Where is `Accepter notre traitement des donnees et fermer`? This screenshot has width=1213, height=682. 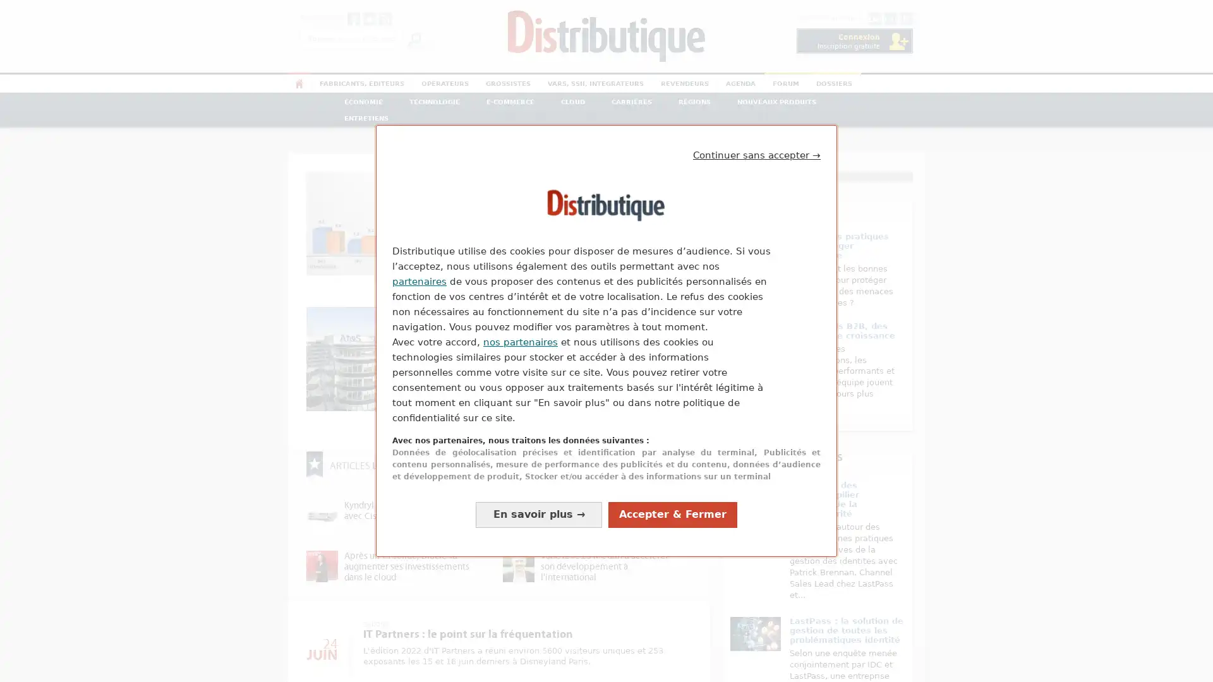
Accepter notre traitement des donnees et fermer is located at coordinates (672, 514).